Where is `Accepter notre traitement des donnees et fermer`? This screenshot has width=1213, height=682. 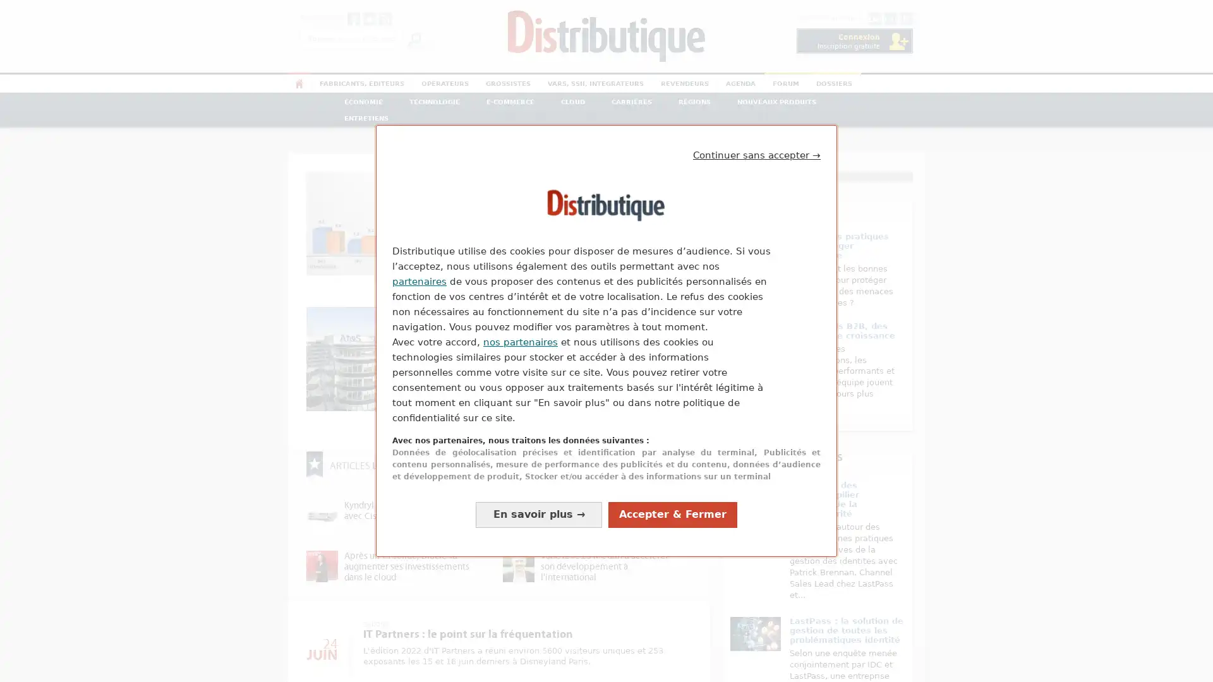
Accepter notre traitement des donnees et fermer is located at coordinates (672, 514).